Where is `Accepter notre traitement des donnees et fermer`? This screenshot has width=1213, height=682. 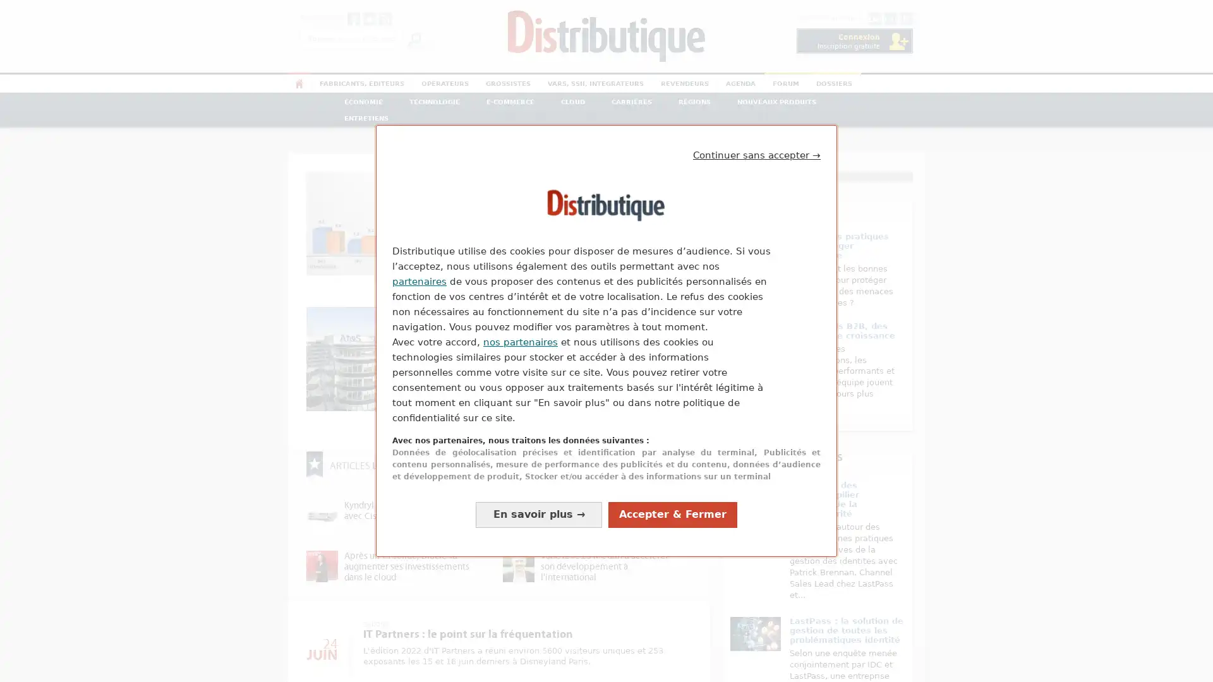
Accepter notre traitement des donnees et fermer is located at coordinates (672, 514).